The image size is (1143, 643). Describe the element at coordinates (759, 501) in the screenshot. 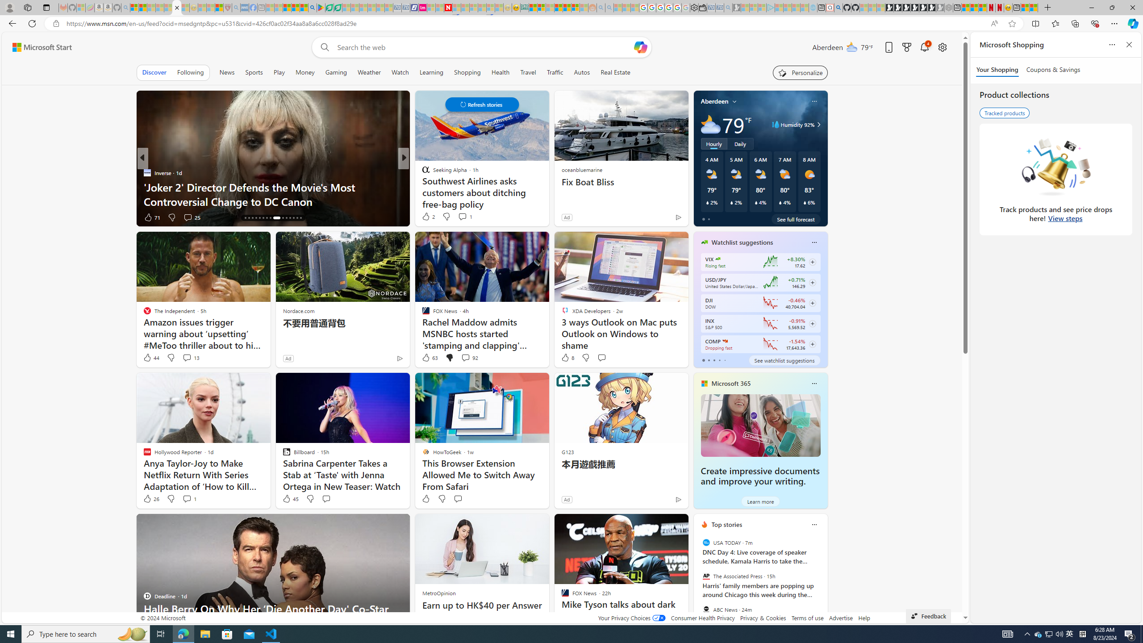

I see `'Learn more'` at that location.